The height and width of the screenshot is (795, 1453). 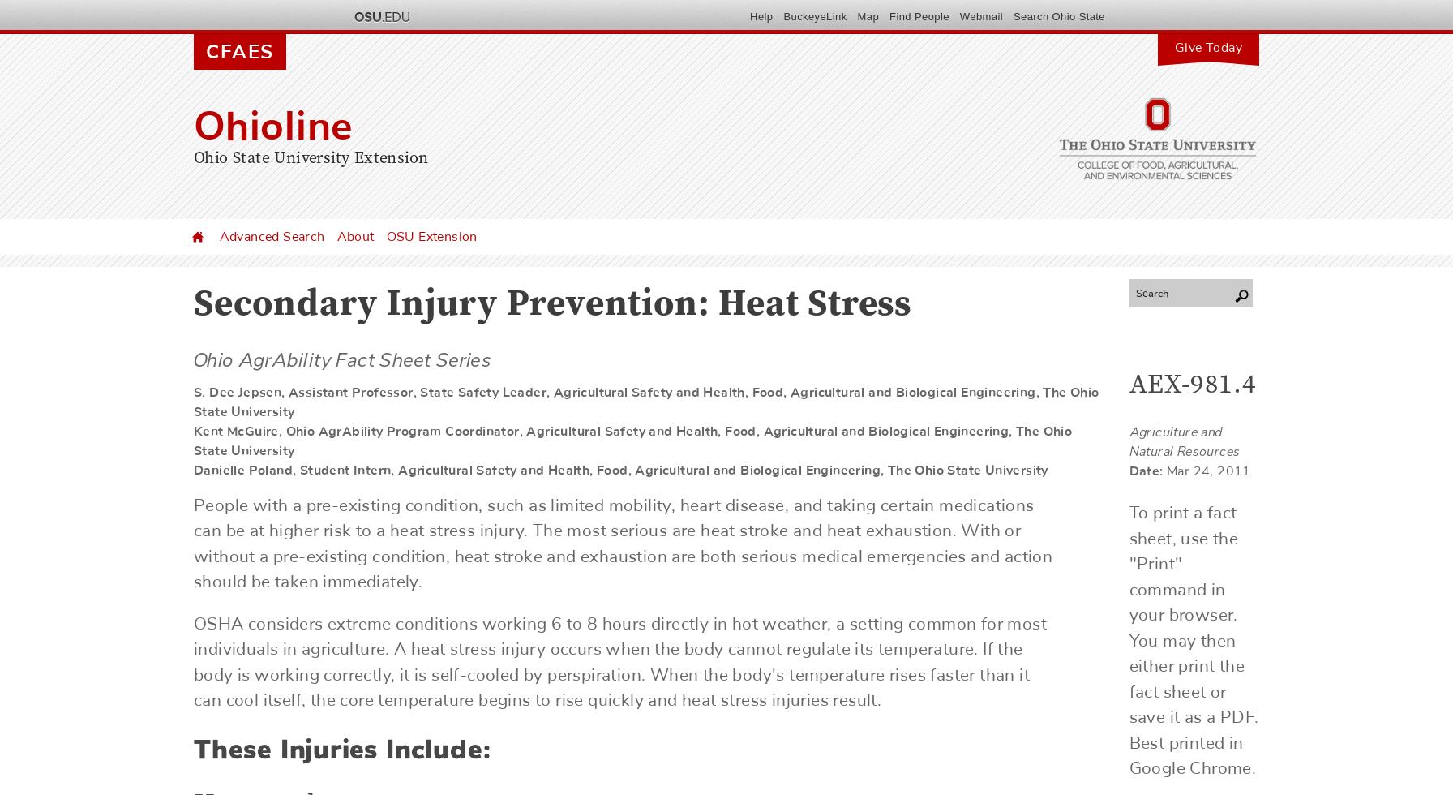 What do you see at coordinates (1129, 385) in the screenshot?
I see `'AEX-981.4'` at bounding box center [1129, 385].